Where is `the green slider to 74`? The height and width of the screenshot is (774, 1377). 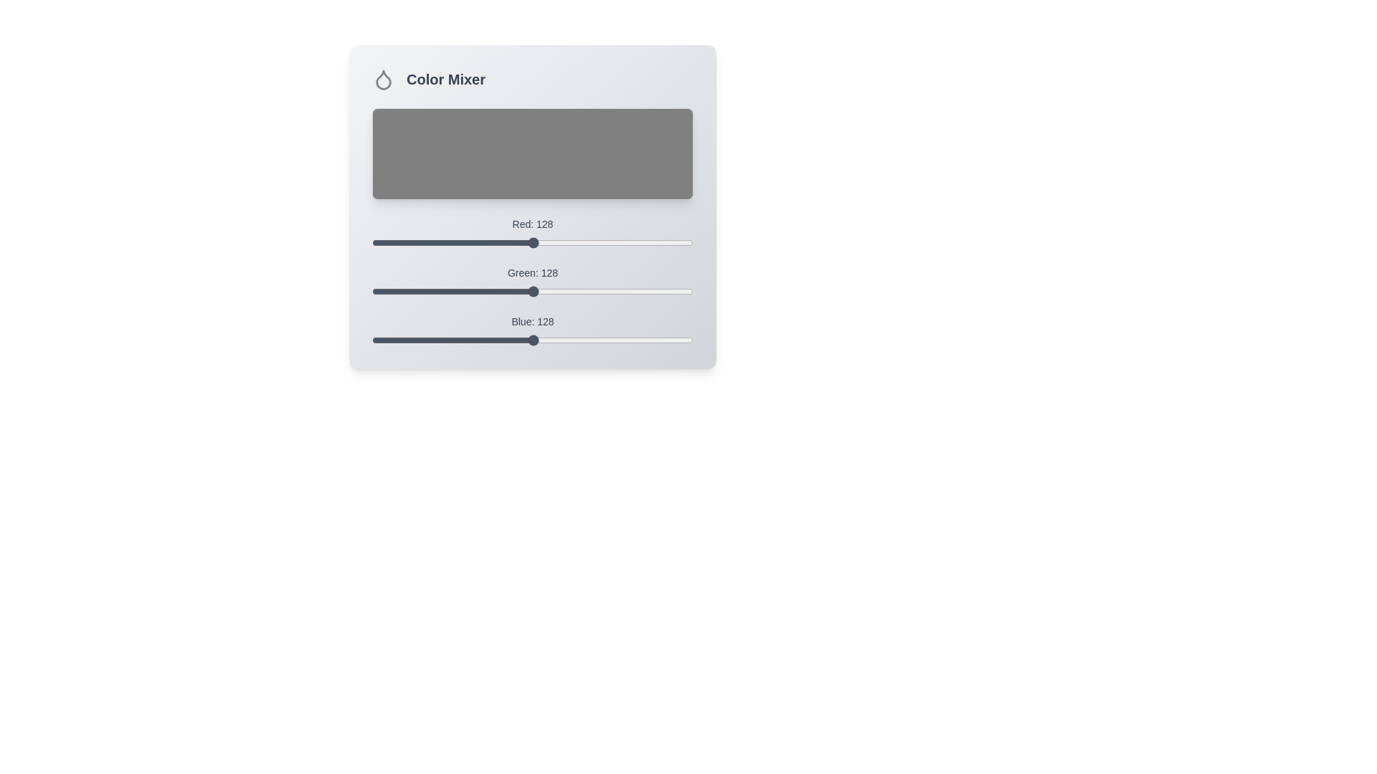 the green slider to 74 is located at coordinates (465, 291).